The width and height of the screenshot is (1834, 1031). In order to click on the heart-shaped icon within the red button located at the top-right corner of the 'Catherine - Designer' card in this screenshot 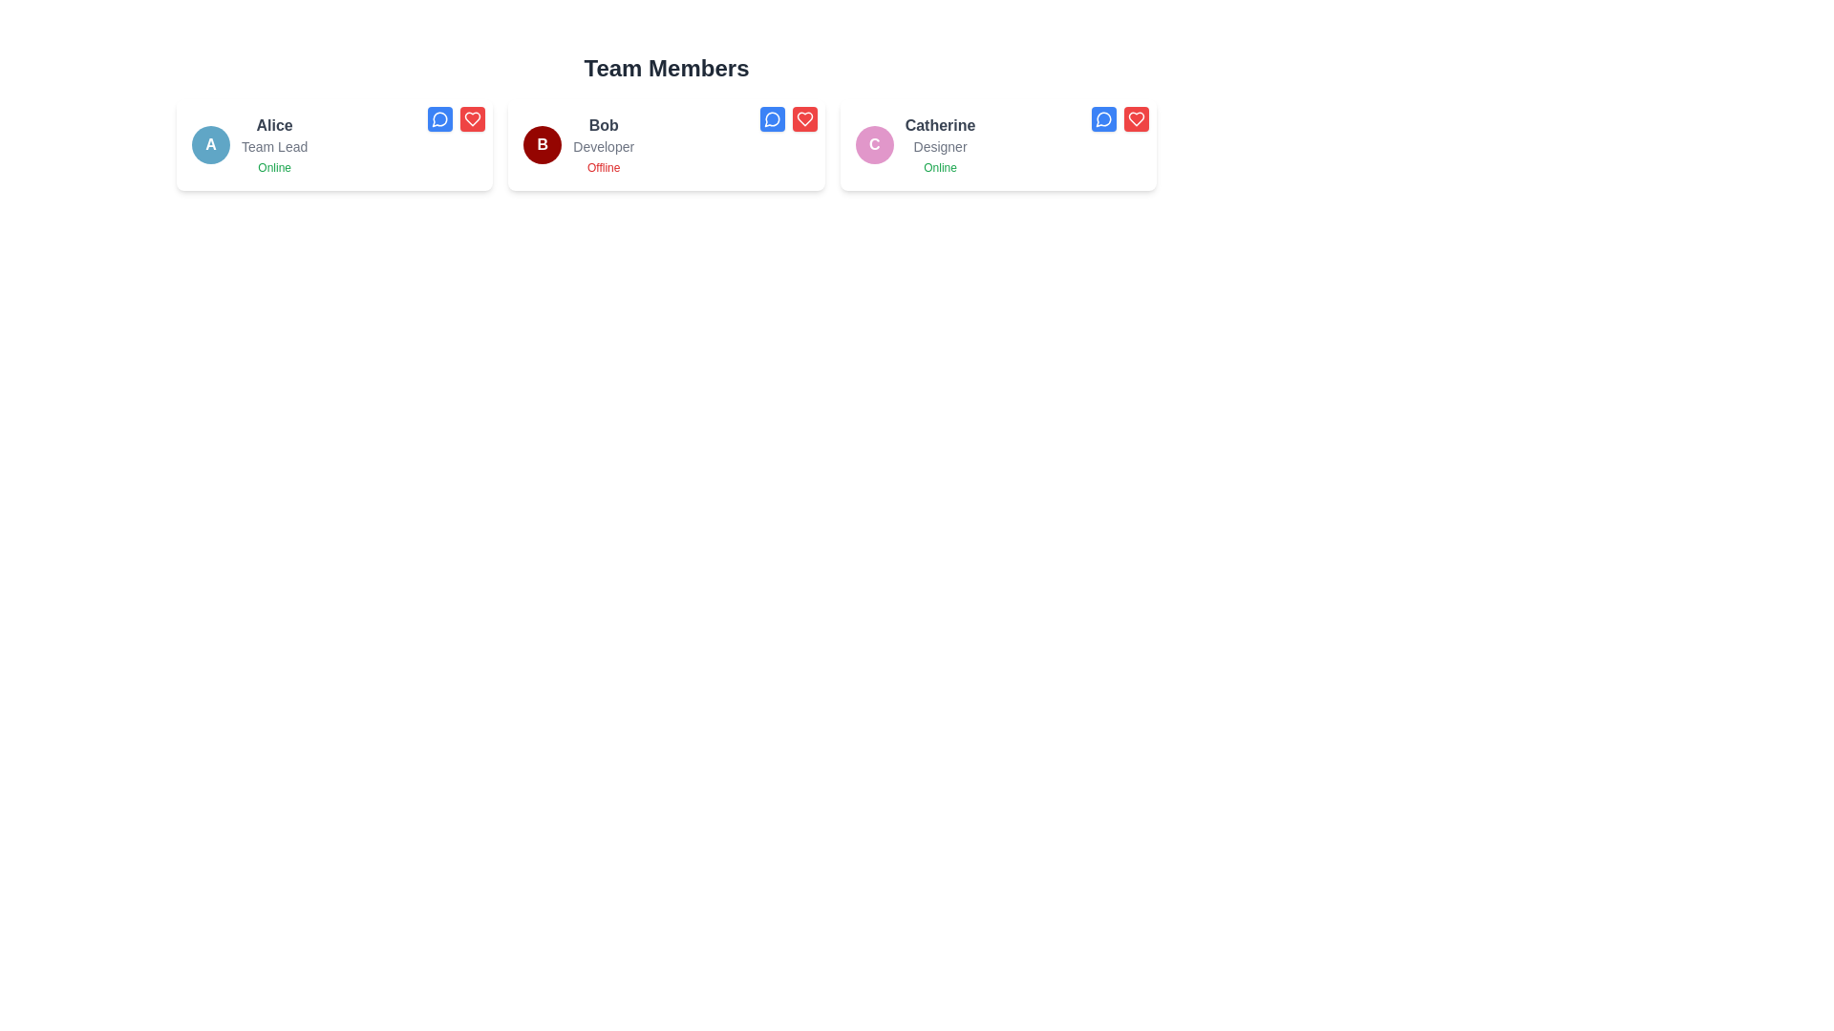, I will do `click(1137, 118)`.